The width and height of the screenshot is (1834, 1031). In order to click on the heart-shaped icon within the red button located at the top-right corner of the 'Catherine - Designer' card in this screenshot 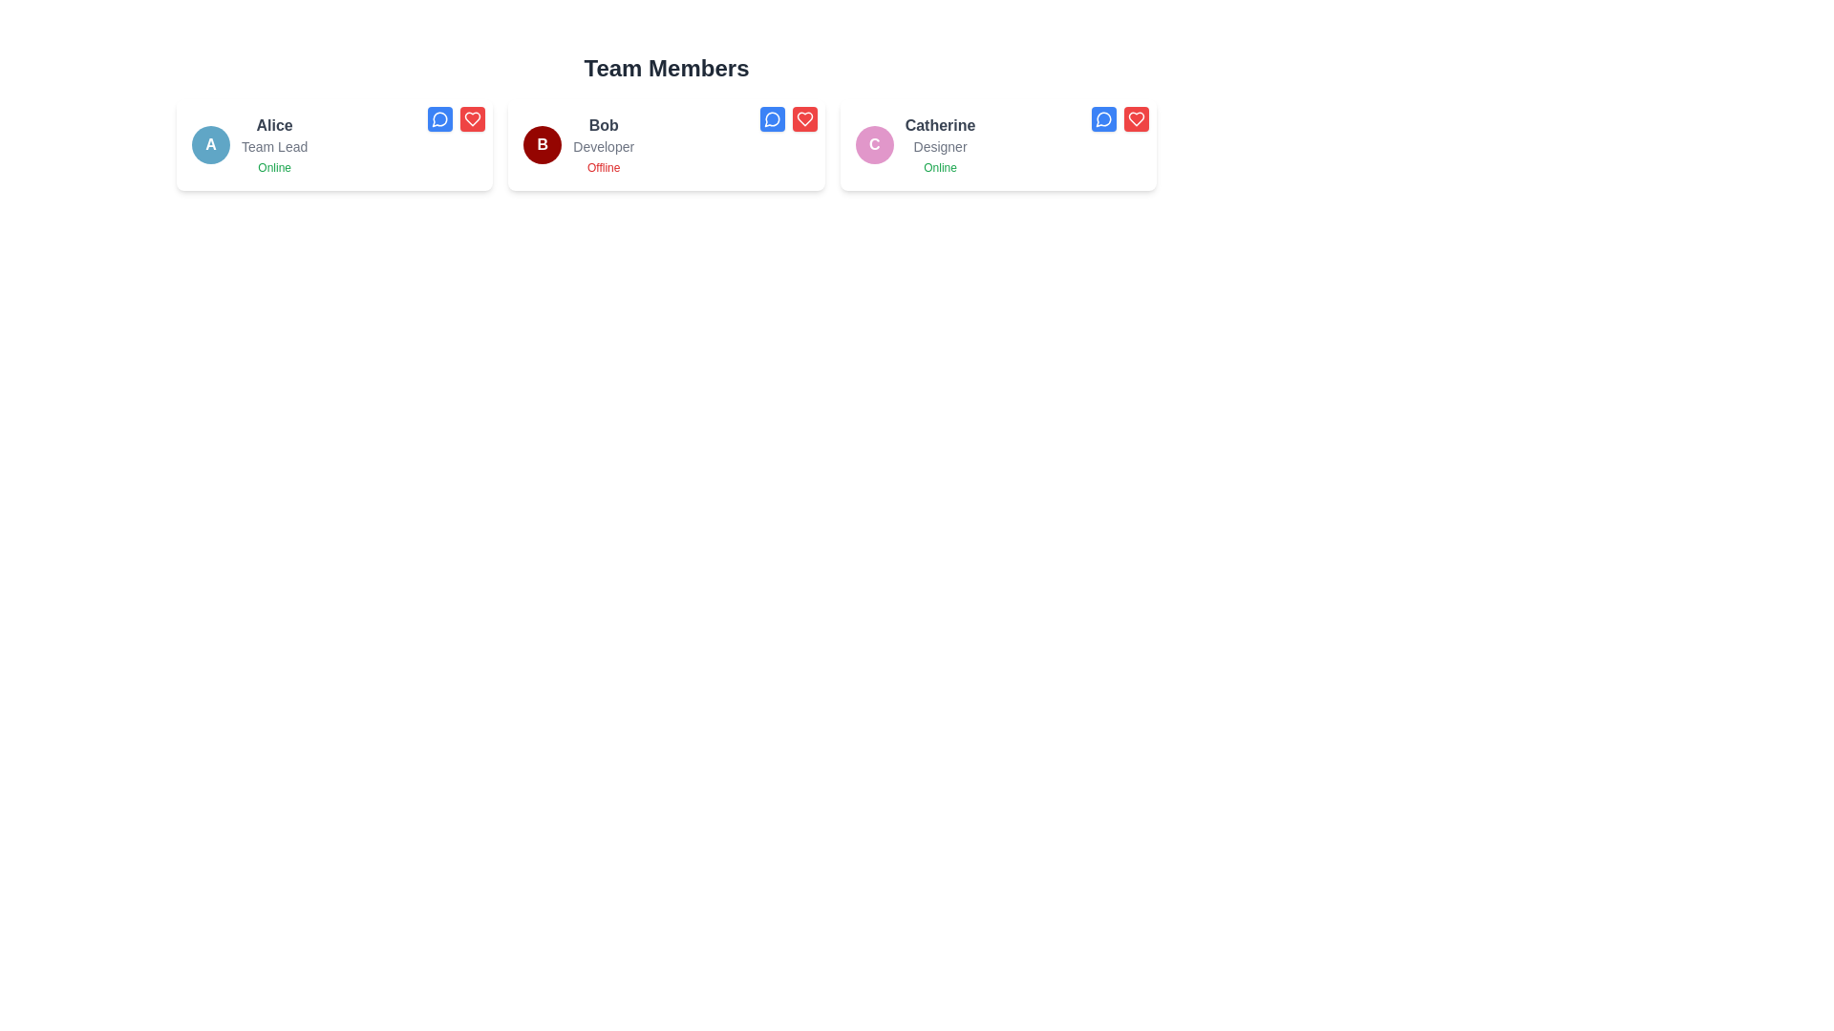, I will do `click(1137, 118)`.